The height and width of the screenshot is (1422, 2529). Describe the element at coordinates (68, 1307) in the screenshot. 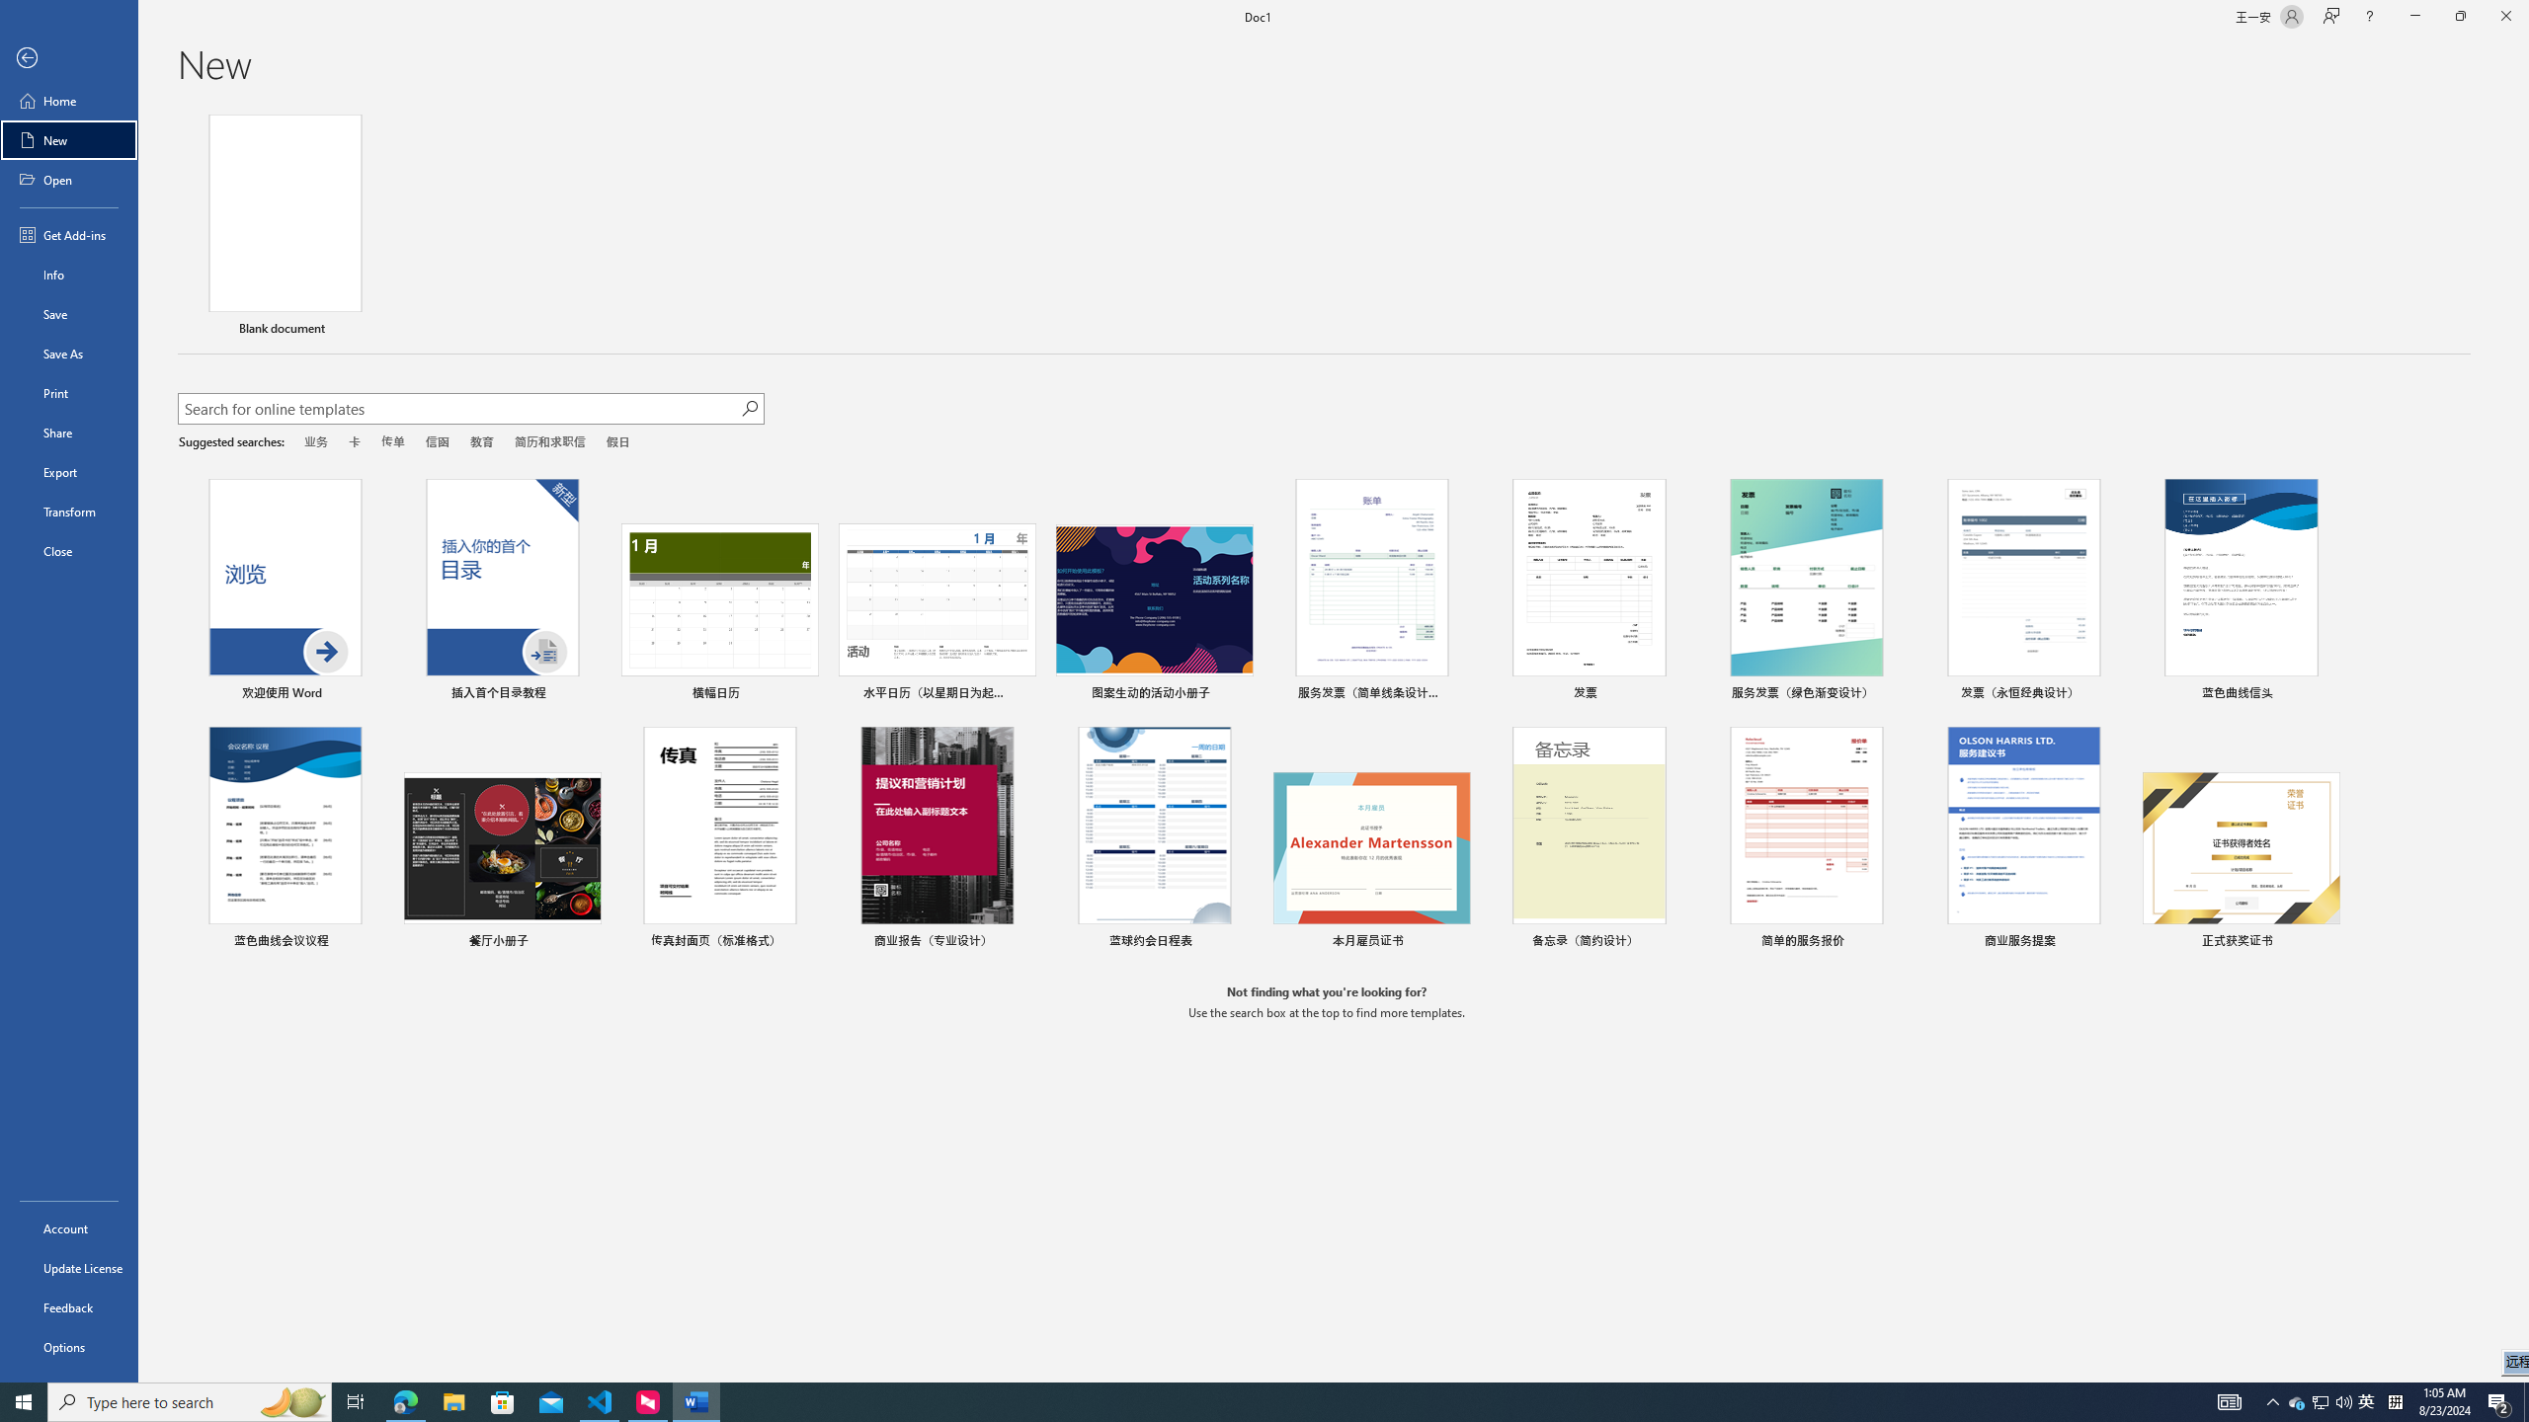

I see `'Feedback'` at that location.